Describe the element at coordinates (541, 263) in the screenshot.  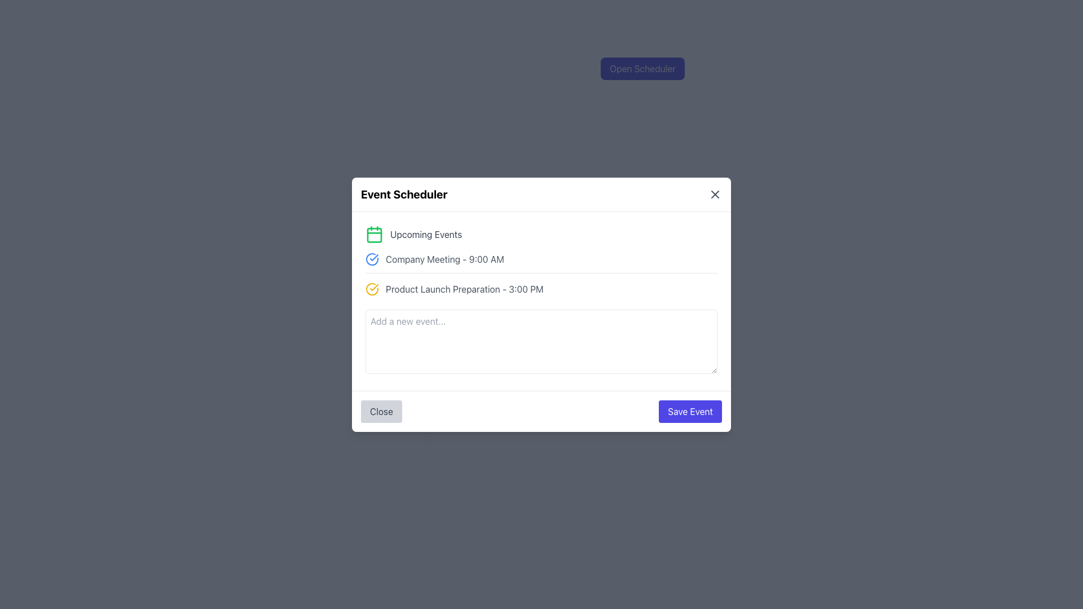
I see `the first event item in the 'Event Scheduler' modal, which represents a scheduled meeting, located directly under the title 'Upcoming Events'` at that location.